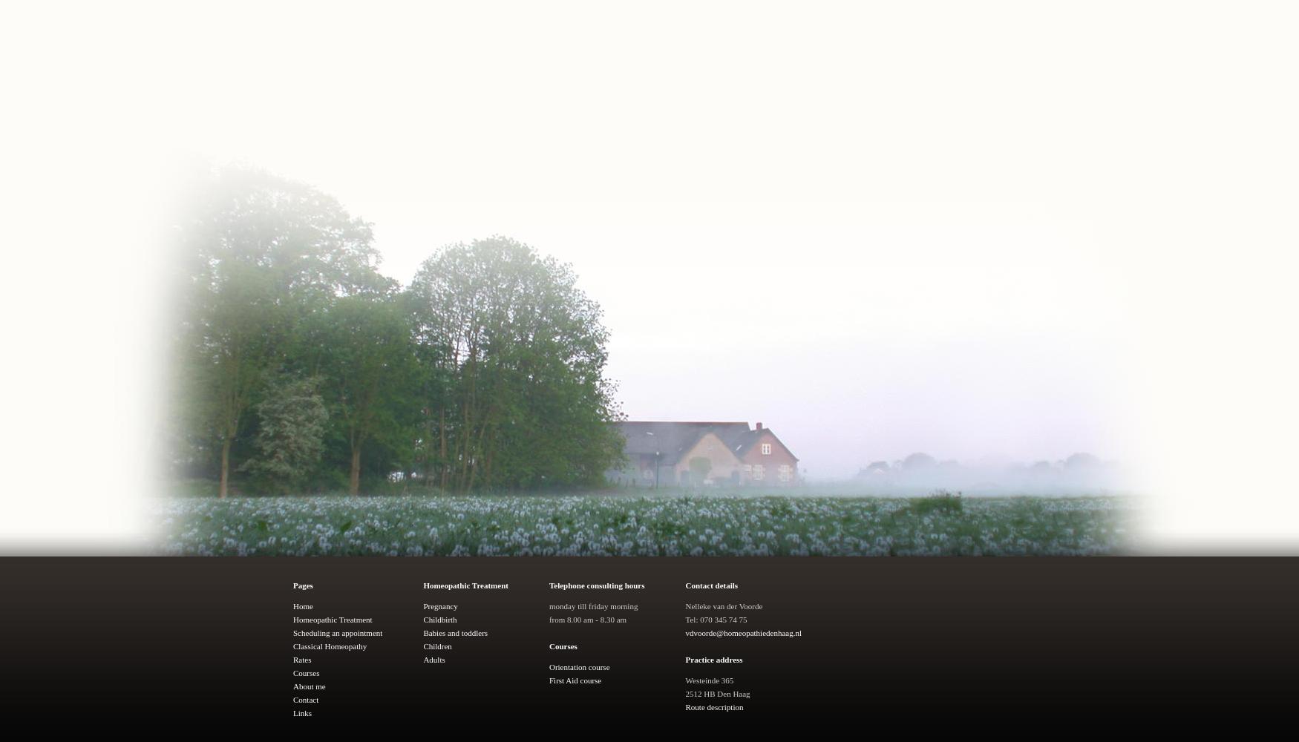 Image resolution: width=1299 pixels, height=742 pixels. What do you see at coordinates (433, 660) in the screenshot?
I see `'Adults'` at bounding box center [433, 660].